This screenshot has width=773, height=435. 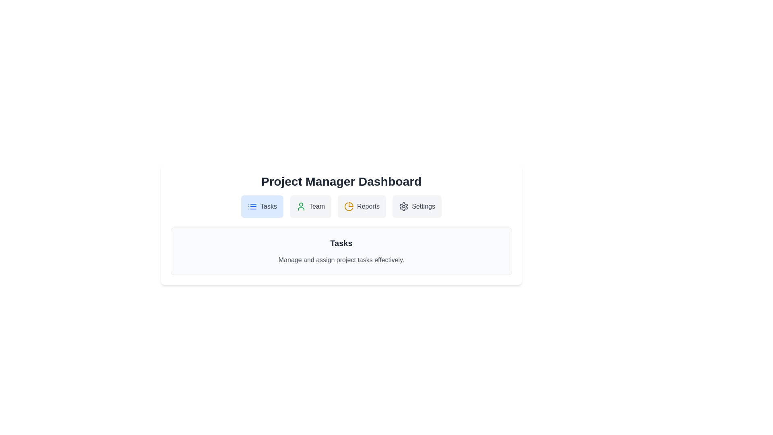 I want to click on the Team tab, so click(x=310, y=206).